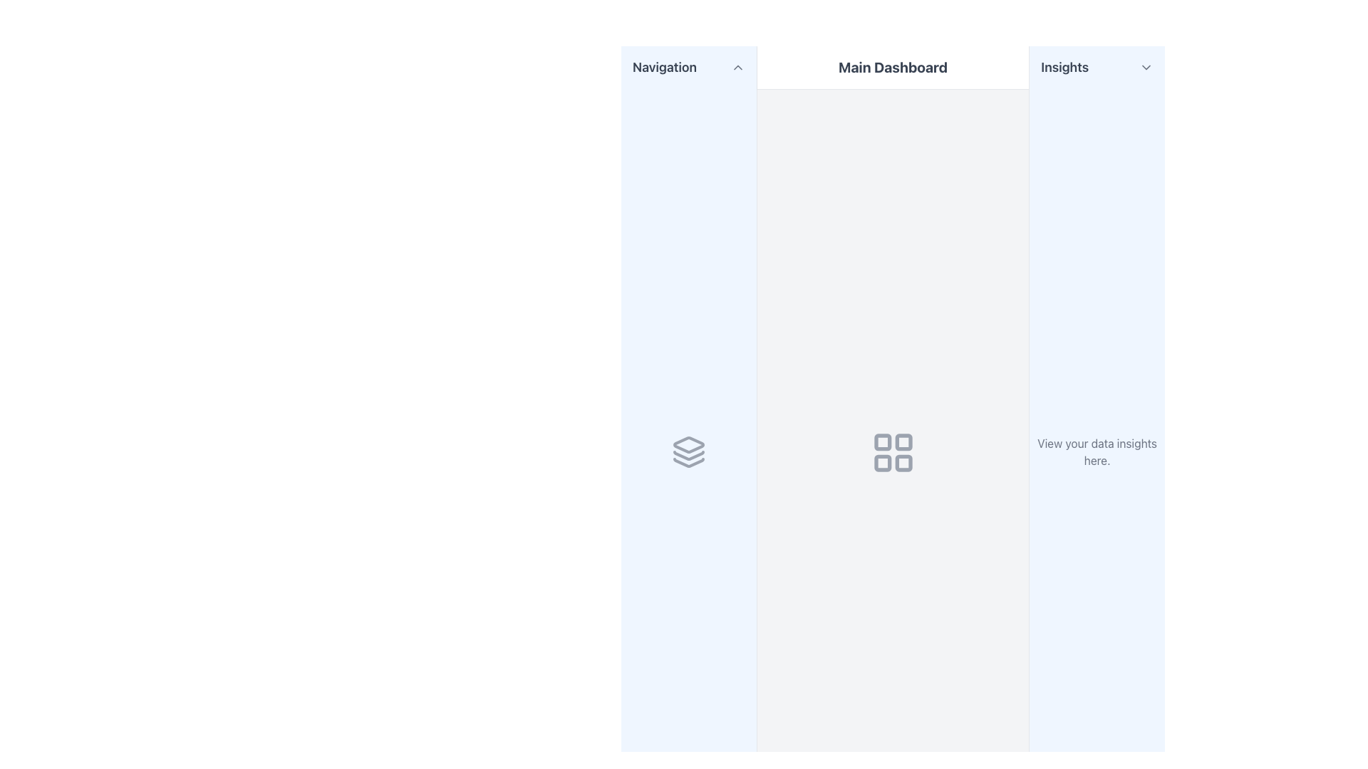 The height and width of the screenshot is (769, 1368). I want to click on the downward-facing chevron icon located to the right of the 'Insights' label, so click(1146, 68).